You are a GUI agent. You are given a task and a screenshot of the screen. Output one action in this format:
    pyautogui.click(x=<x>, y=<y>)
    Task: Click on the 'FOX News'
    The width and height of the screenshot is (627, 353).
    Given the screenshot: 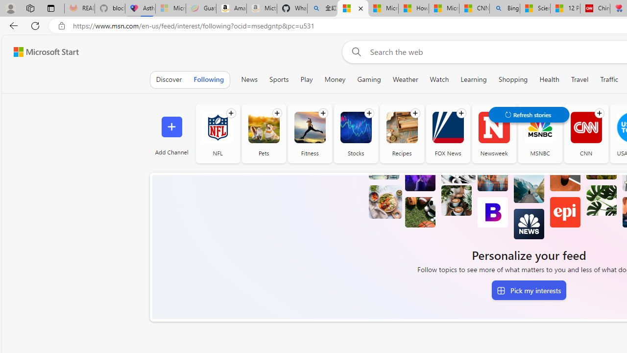 What is the action you would take?
    pyautogui.click(x=447, y=127)
    